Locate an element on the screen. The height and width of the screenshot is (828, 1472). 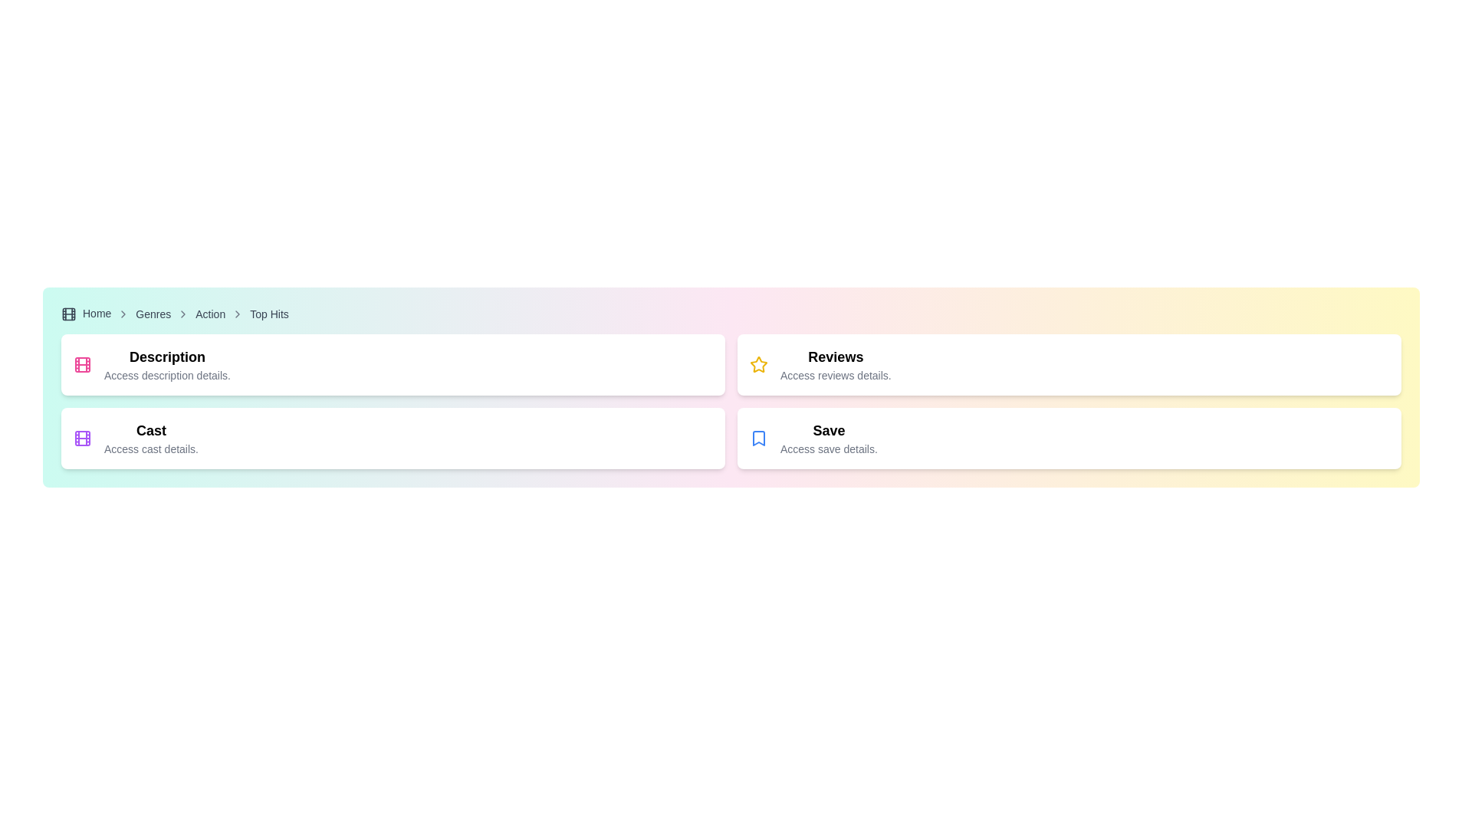
the fourth breadcrumb link in the navigation bar is located at coordinates (269, 313).